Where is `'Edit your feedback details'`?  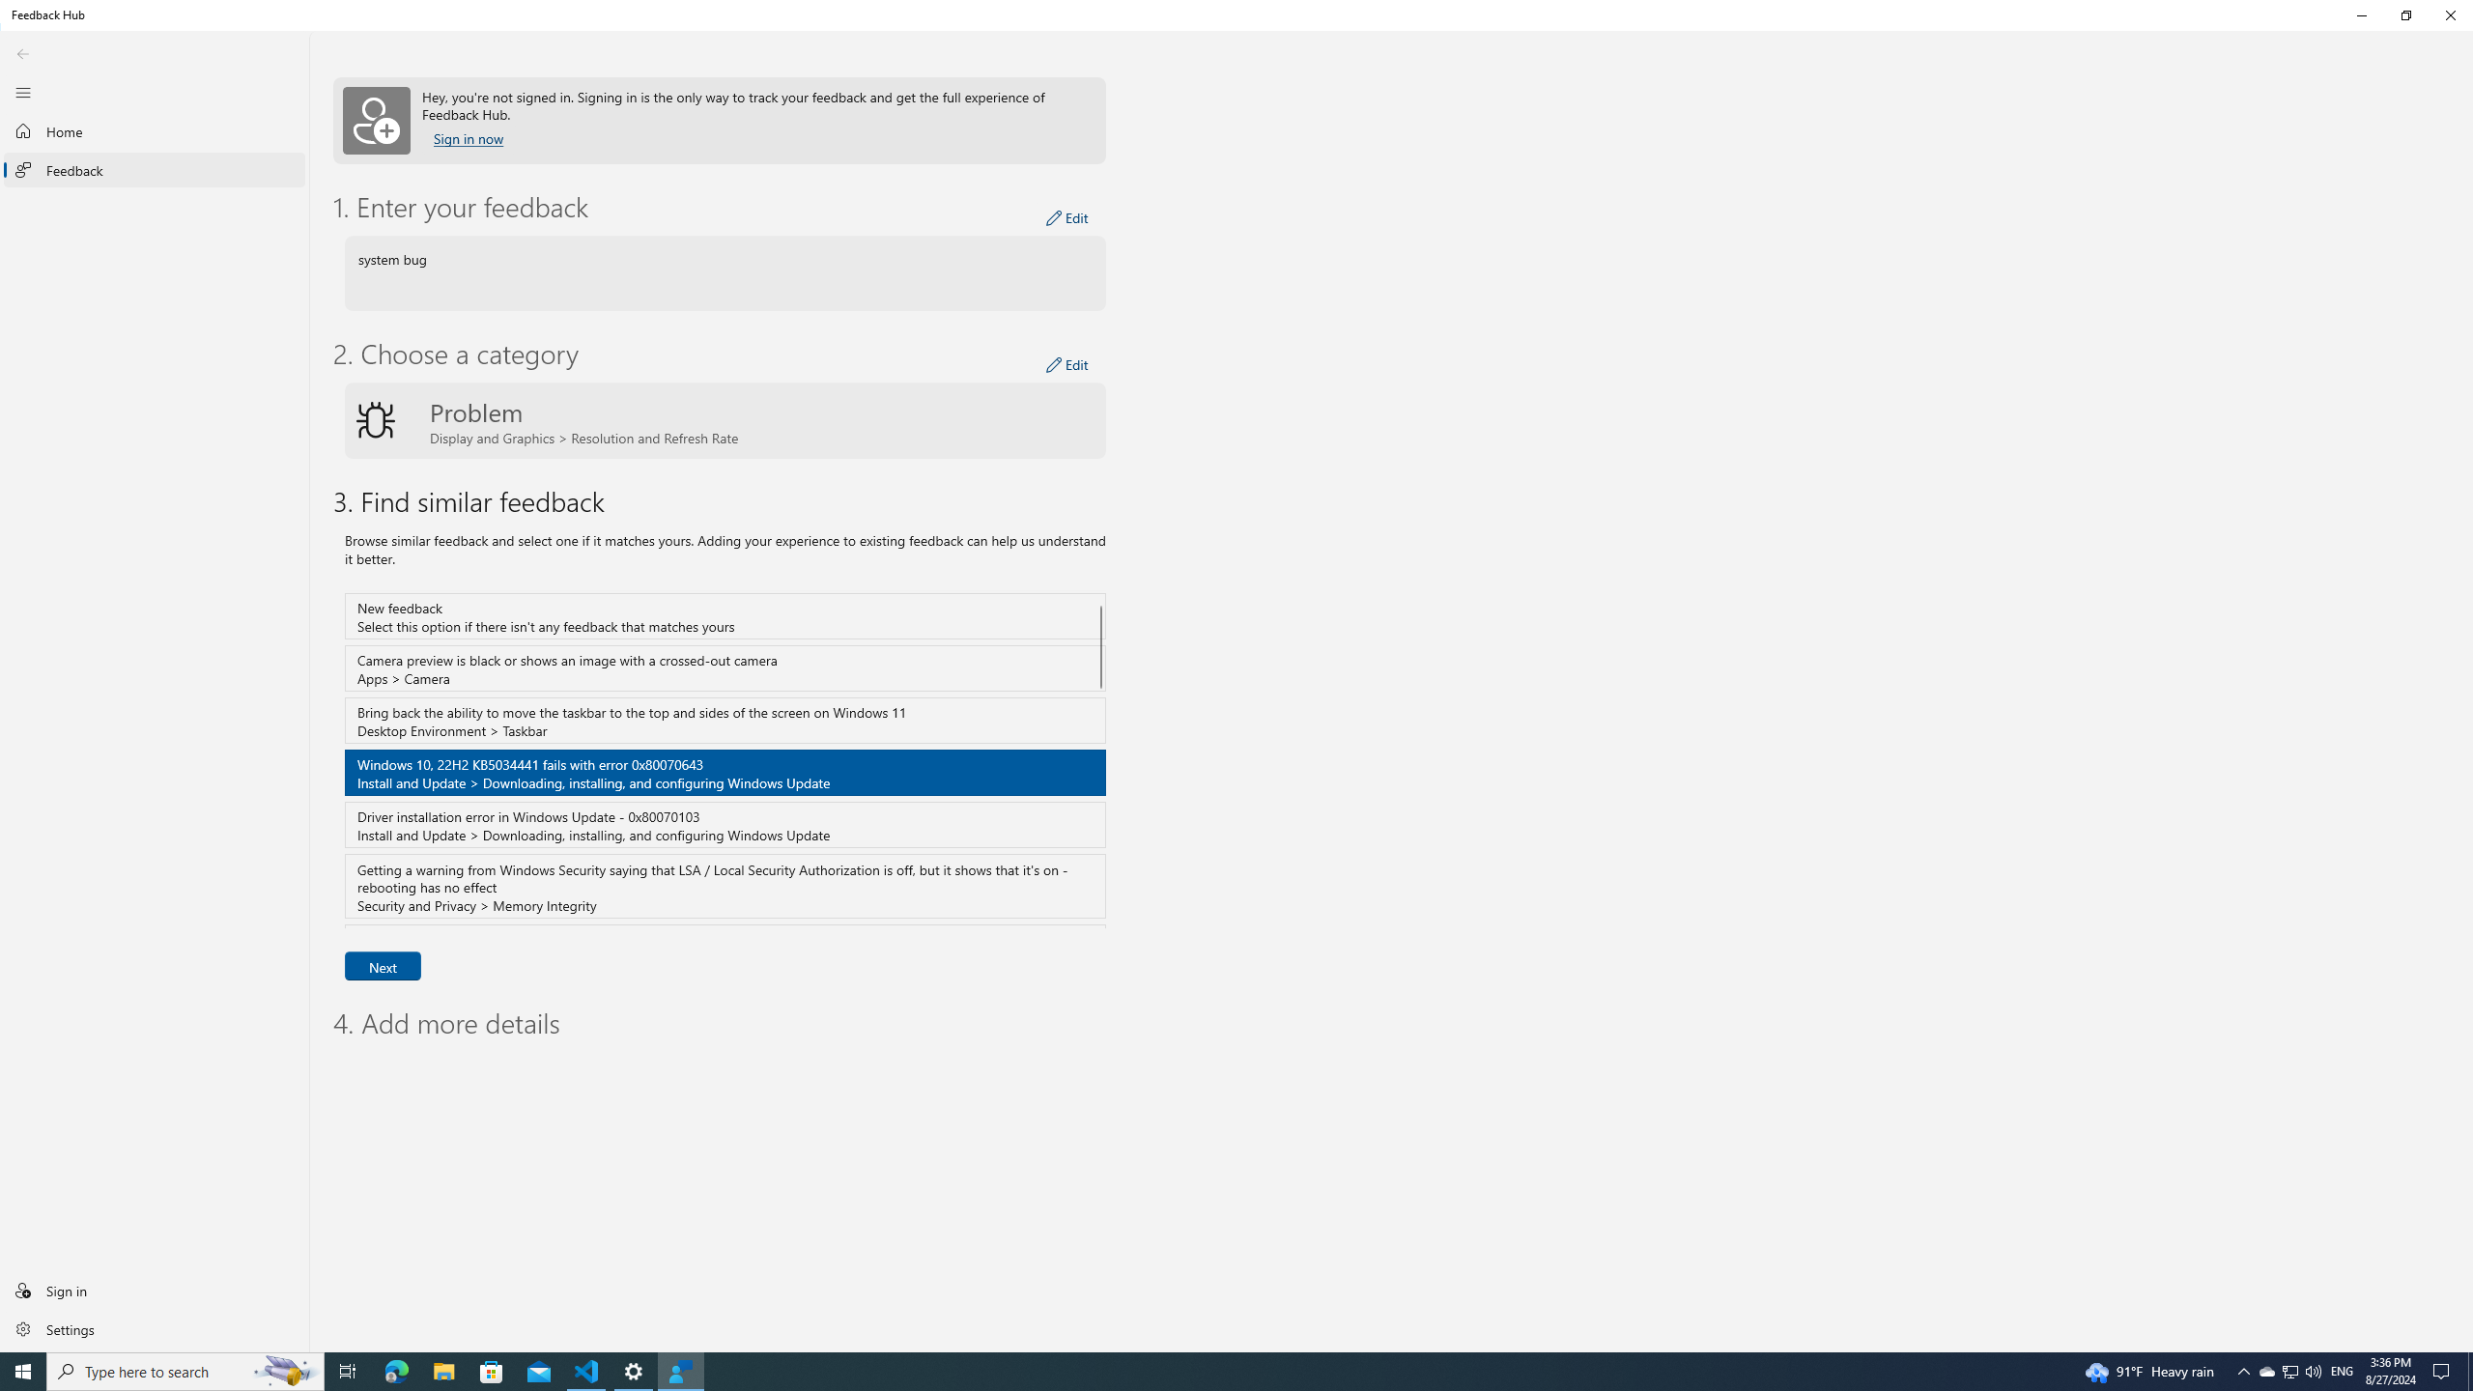
'Edit your feedback details' is located at coordinates (1066, 217).